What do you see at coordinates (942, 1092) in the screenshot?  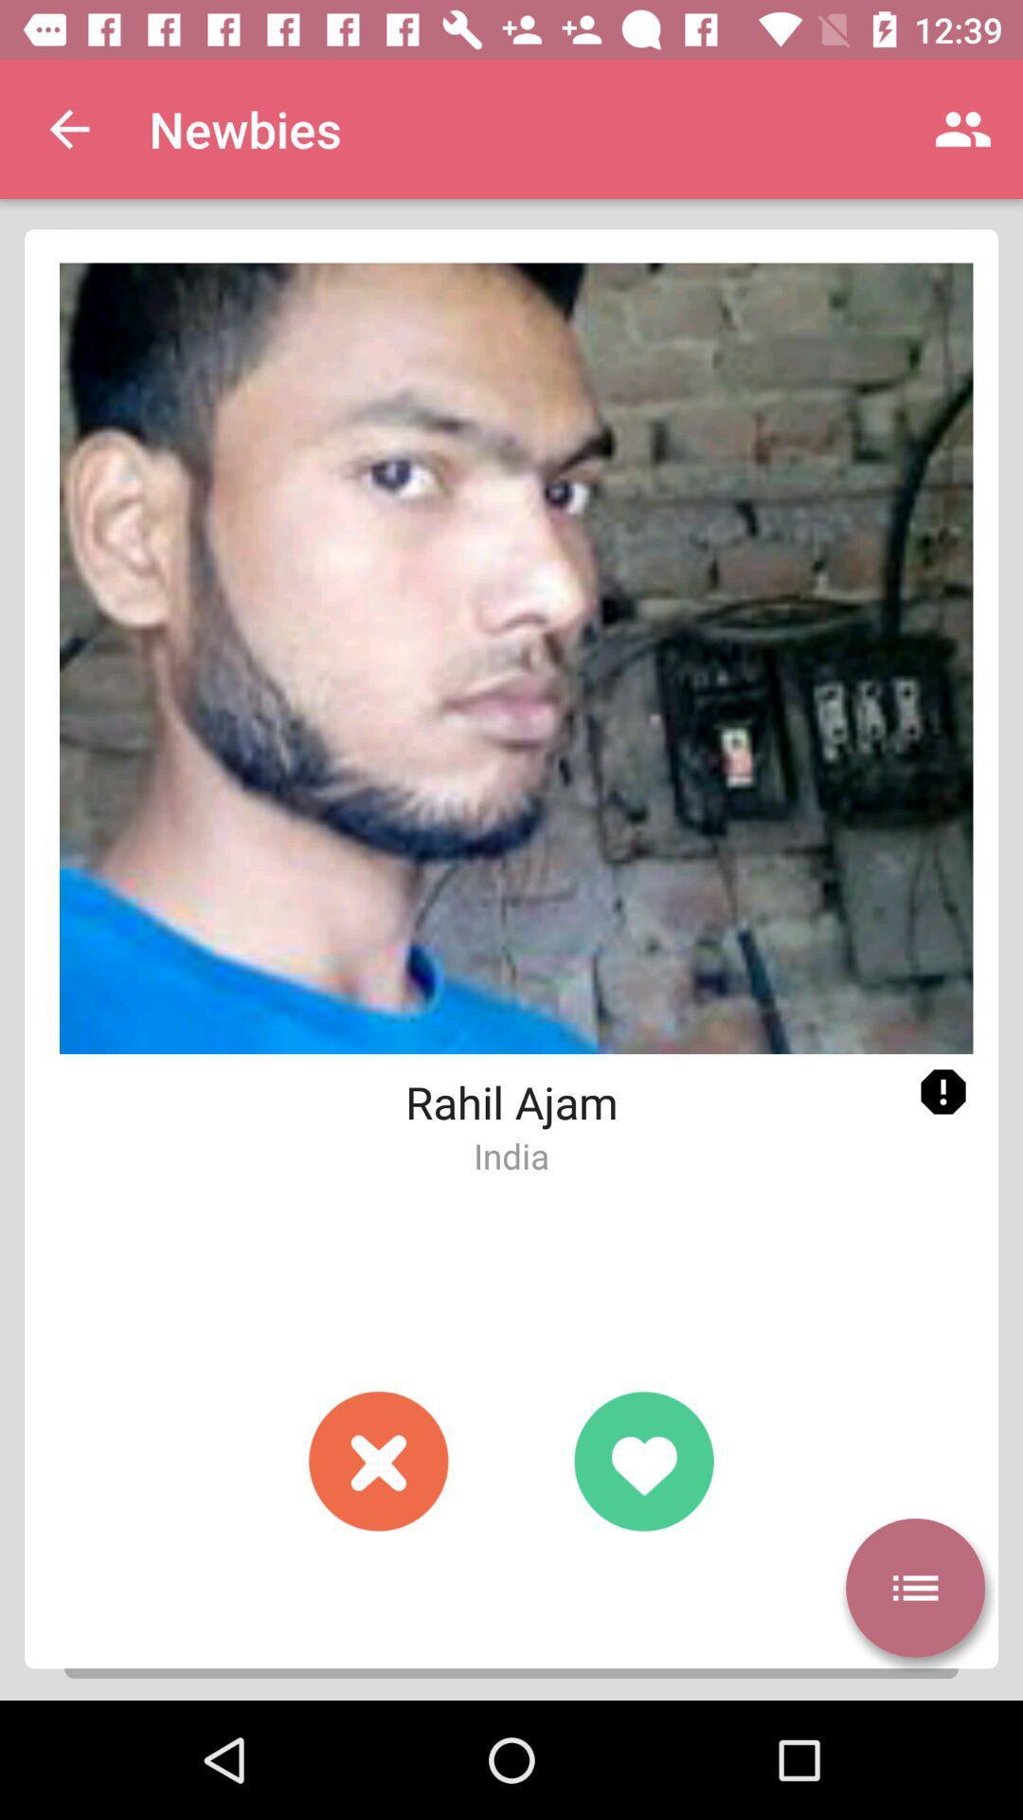 I see `report` at bounding box center [942, 1092].